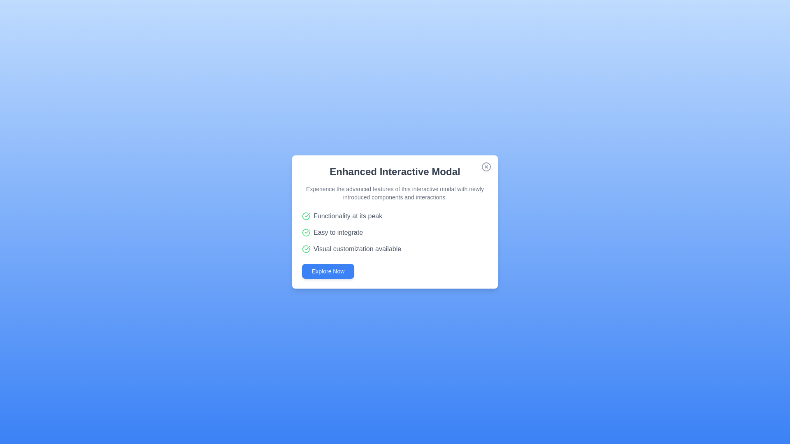 The image size is (790, 444). What do you see at coordinates (306, 215) in the screenshot?
I see `the green circular check mark icon located to the left of the text 'Functionality at its peak'` at bounding box center [306, 215].